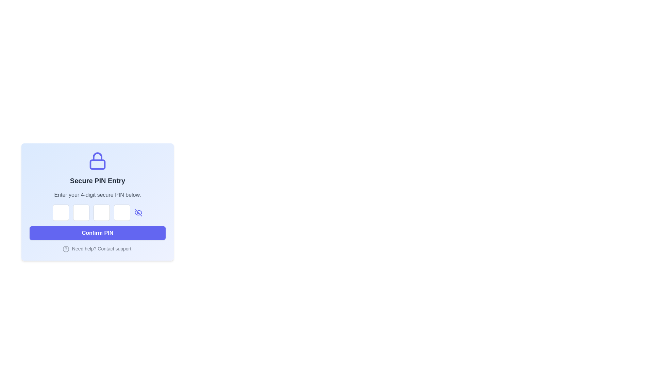  I want to click on the circular help icon located at the bottom of the card with the text 'Need help? Contact support.', so click(66, 249).